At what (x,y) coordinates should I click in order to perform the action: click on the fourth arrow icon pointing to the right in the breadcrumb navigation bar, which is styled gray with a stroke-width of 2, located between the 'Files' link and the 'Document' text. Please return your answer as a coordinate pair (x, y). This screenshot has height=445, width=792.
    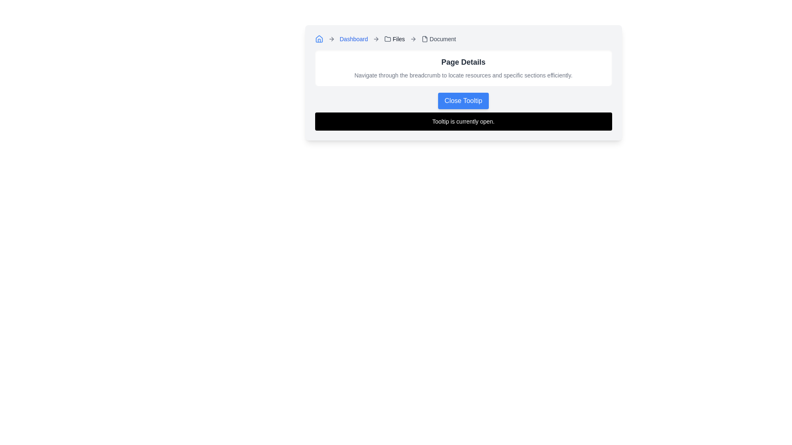
    Looking at the image, I should click on (413, 39).